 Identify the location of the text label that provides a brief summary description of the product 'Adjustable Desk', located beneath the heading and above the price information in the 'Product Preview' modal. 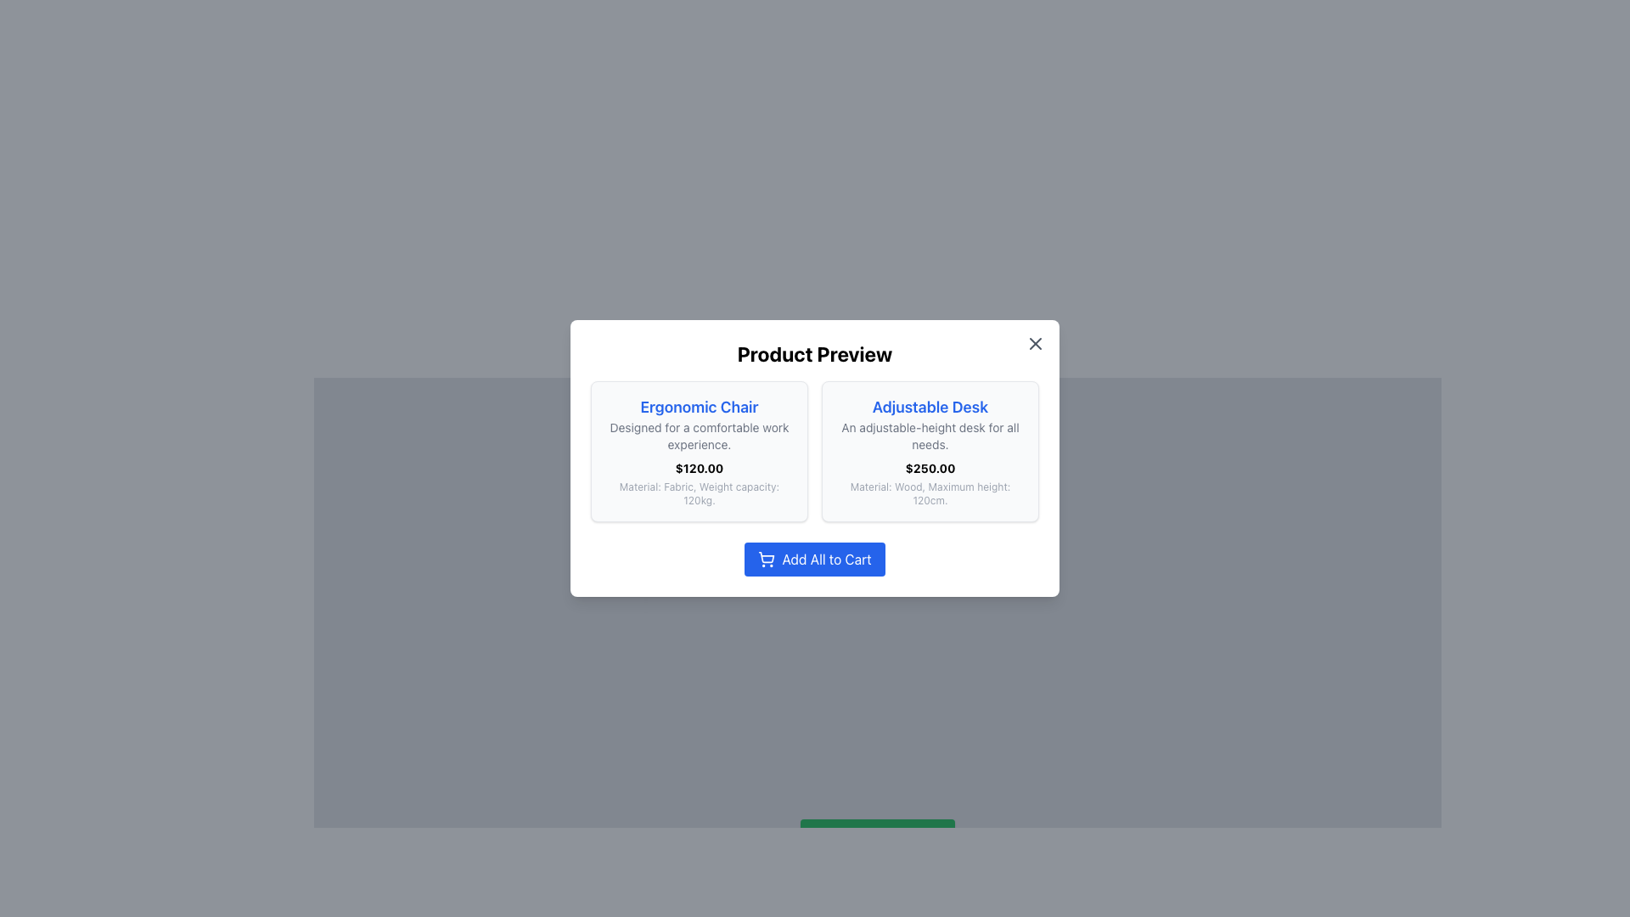
(929, 435).